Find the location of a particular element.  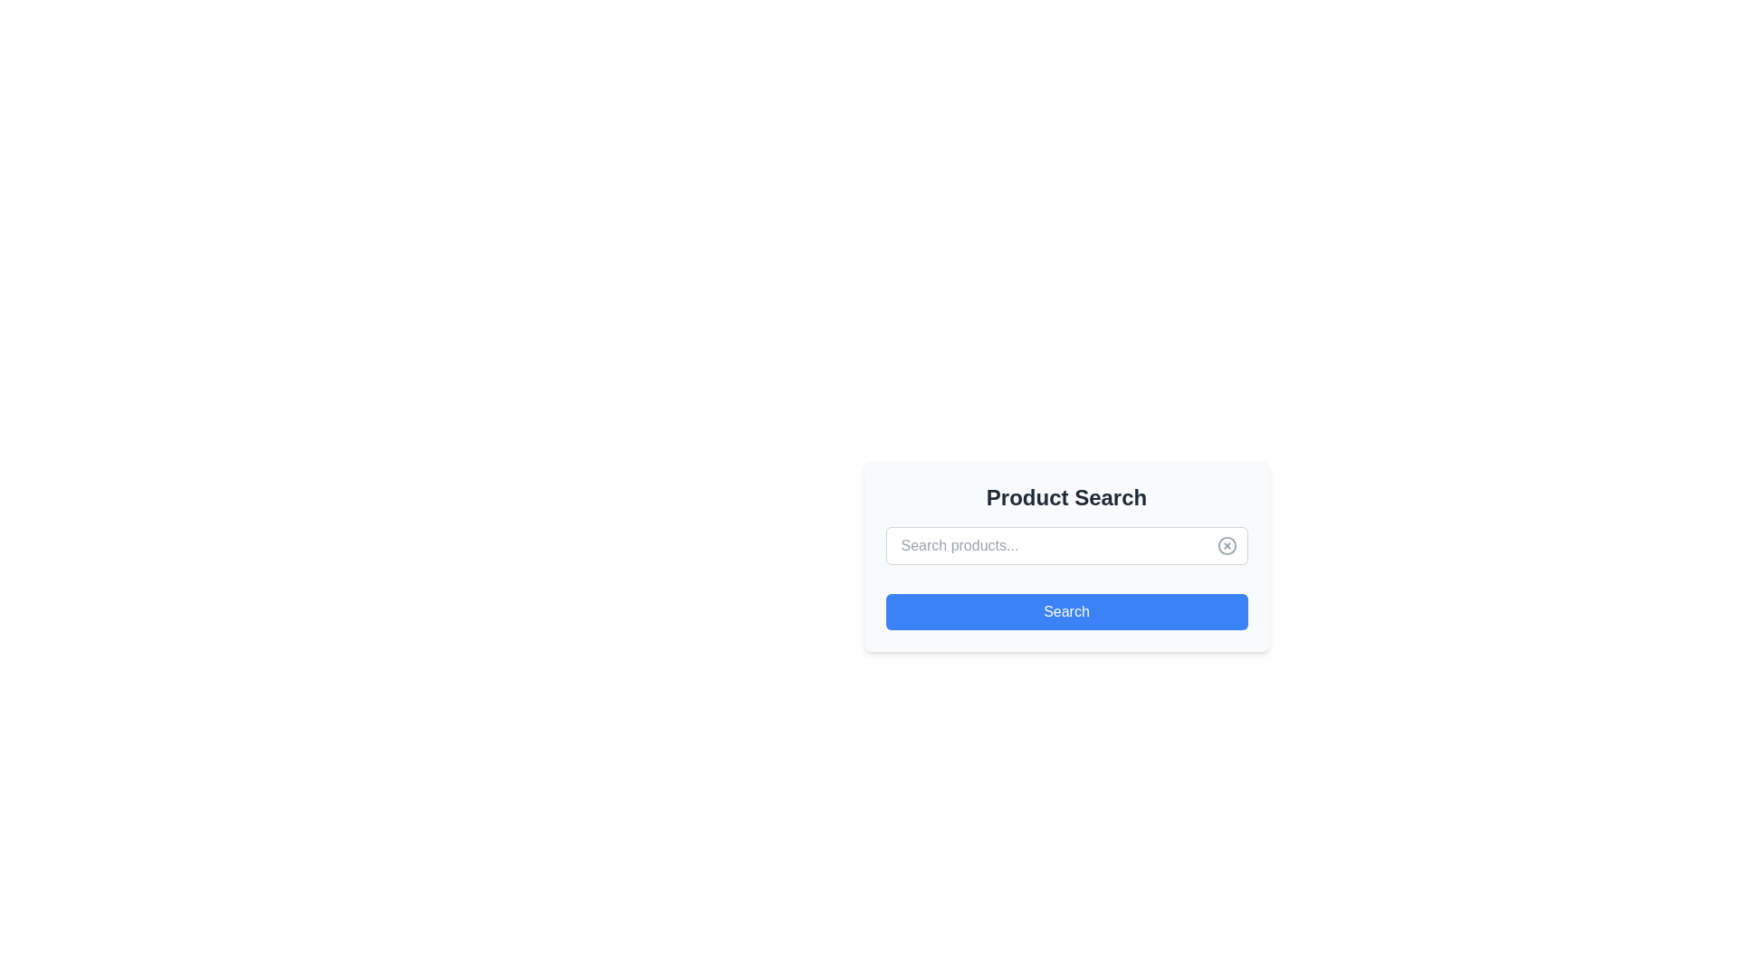

the 'Search' button with rounded corners and a blue background is located at coordinates (1066, 611).